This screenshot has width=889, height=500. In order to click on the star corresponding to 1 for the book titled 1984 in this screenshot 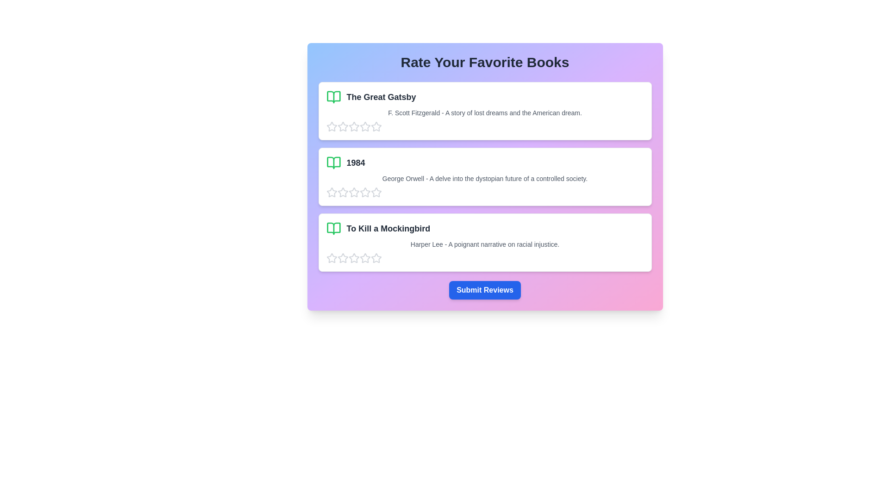, I will do `click(332, 192)`.